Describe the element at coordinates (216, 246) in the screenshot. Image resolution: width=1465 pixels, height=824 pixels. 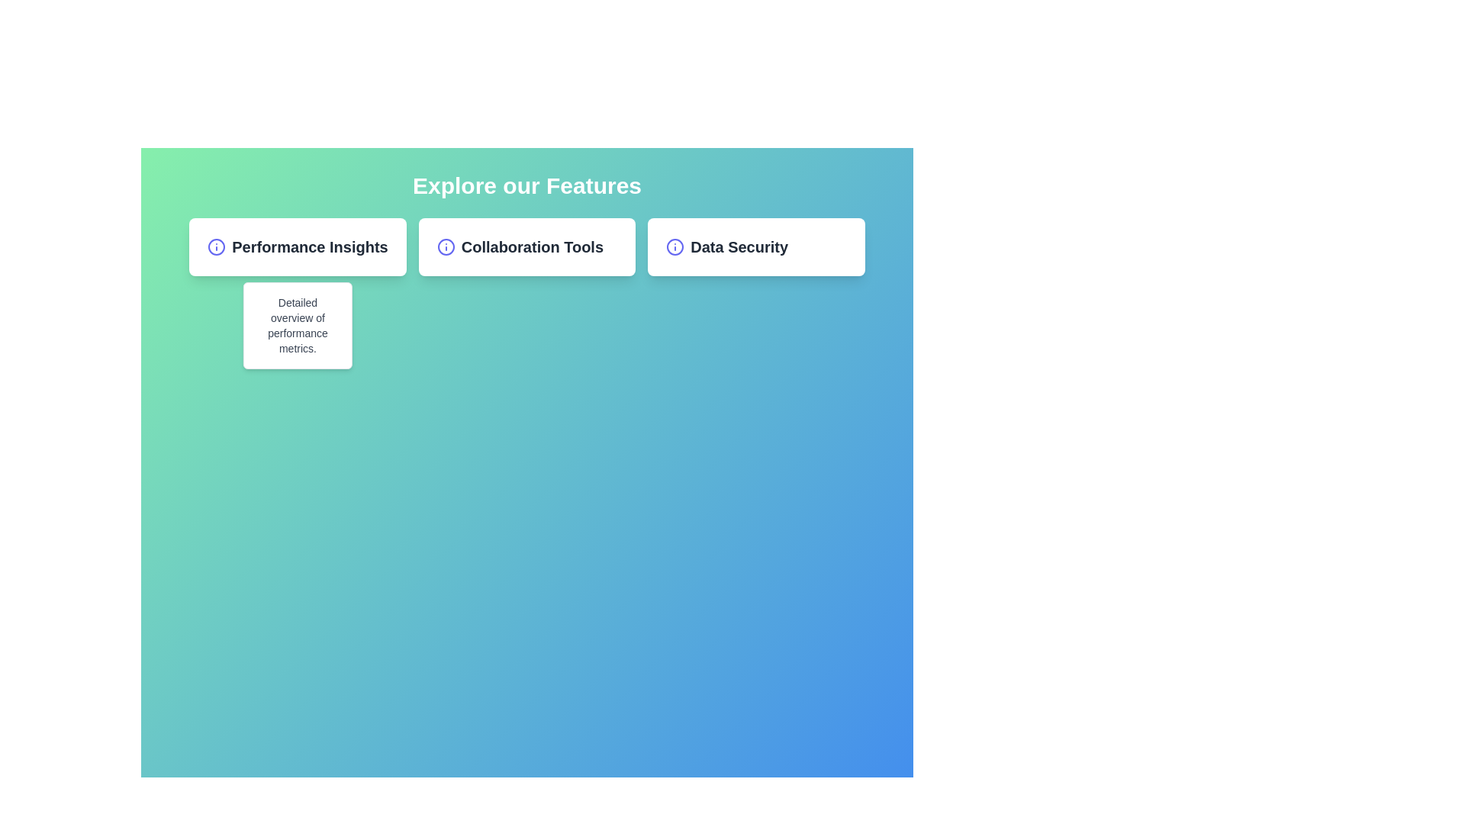
I see `the circular SVG shape part of the information icon within the 'Performance Insights' card, which is styled in blue and has a radius of 10px` at that location.